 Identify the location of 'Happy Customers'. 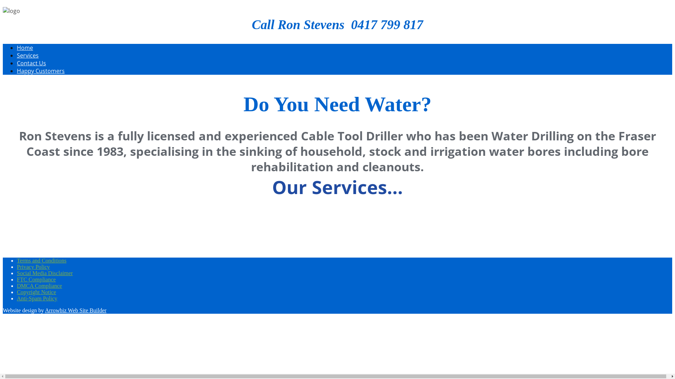
(40, 71).